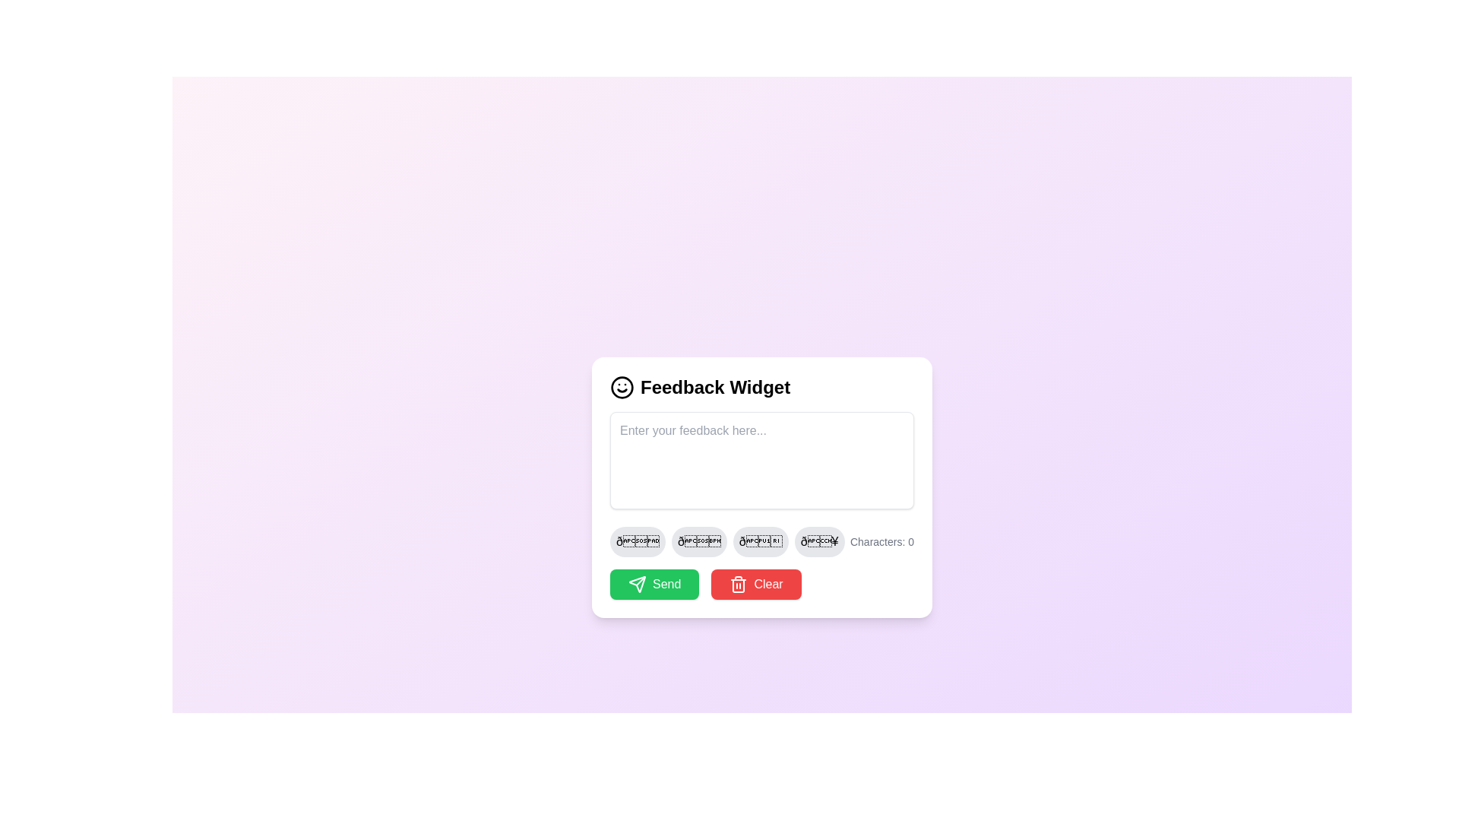  I want to click on the 'Clear' button with white text on a red background, located in the bottom-right corner of the 'Feedback Widget' card, so click(768, 583).